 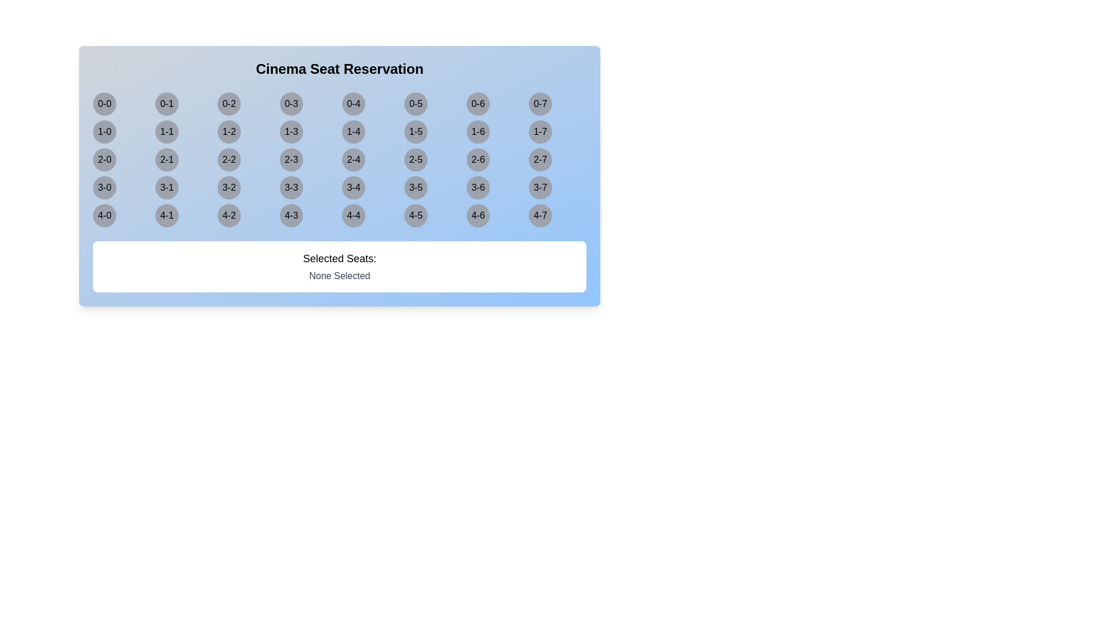 What do you see at coordinates (166, 131) in the screenshot?
I see `the circular button labeled '1-1' with a light gray background` at bounding box center [166, 131].